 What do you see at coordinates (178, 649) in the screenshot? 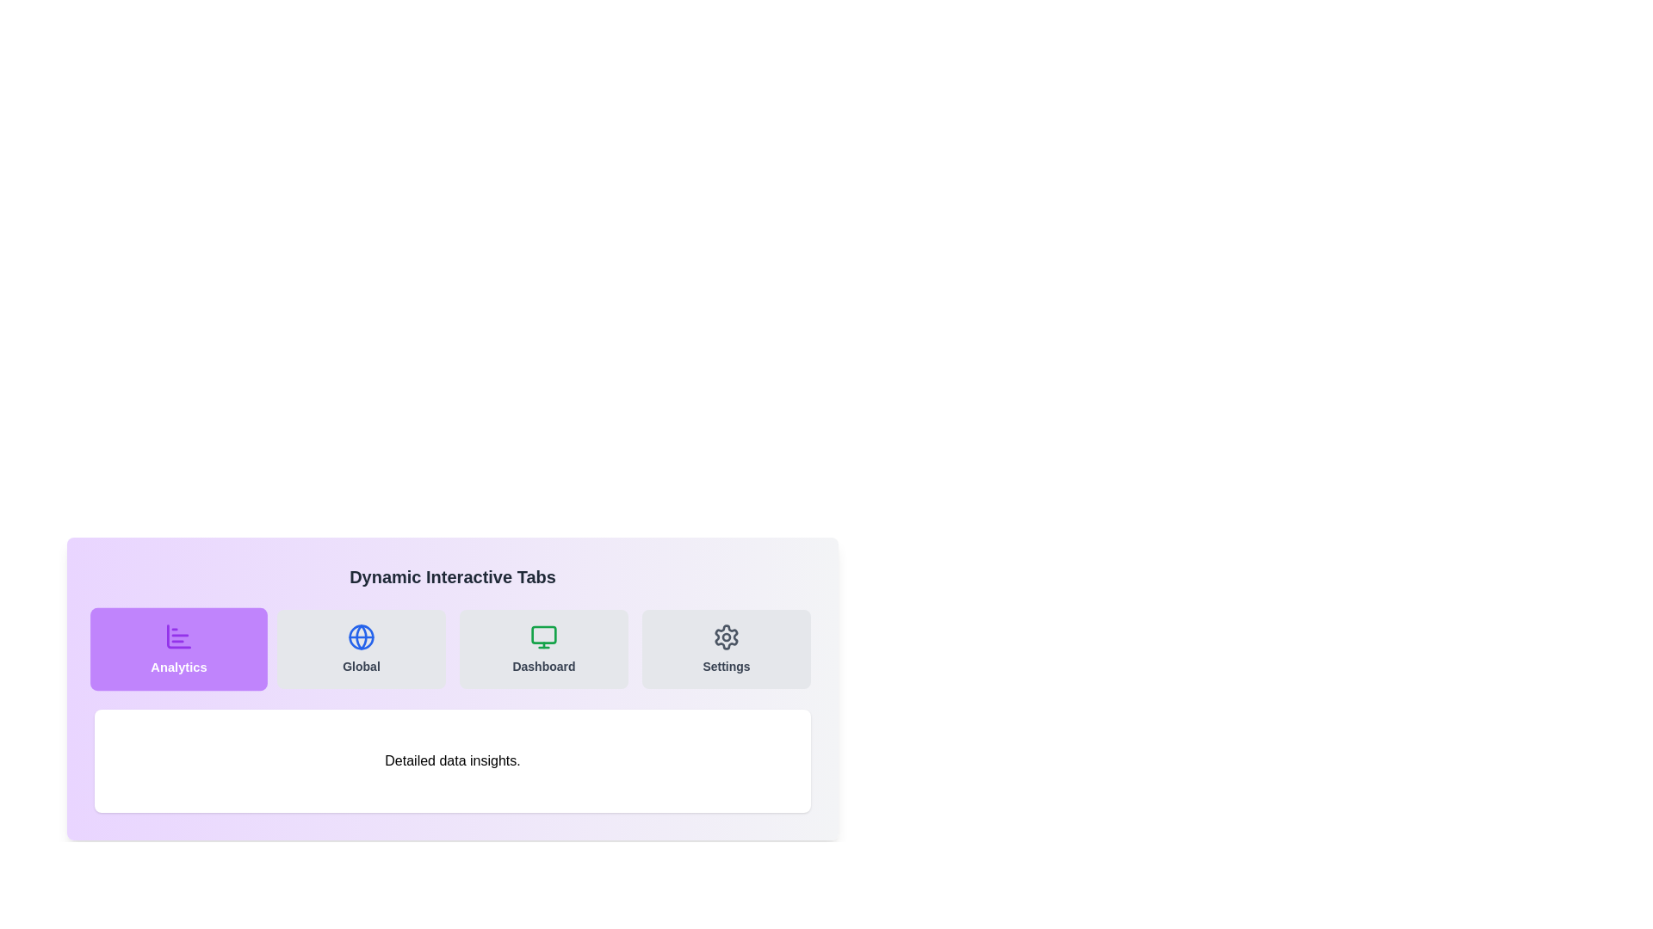
I see `the 'Analytics' interactive navigation tab, which is the first tab in a horizontal navigation bar` at bounding box center [178, 649].